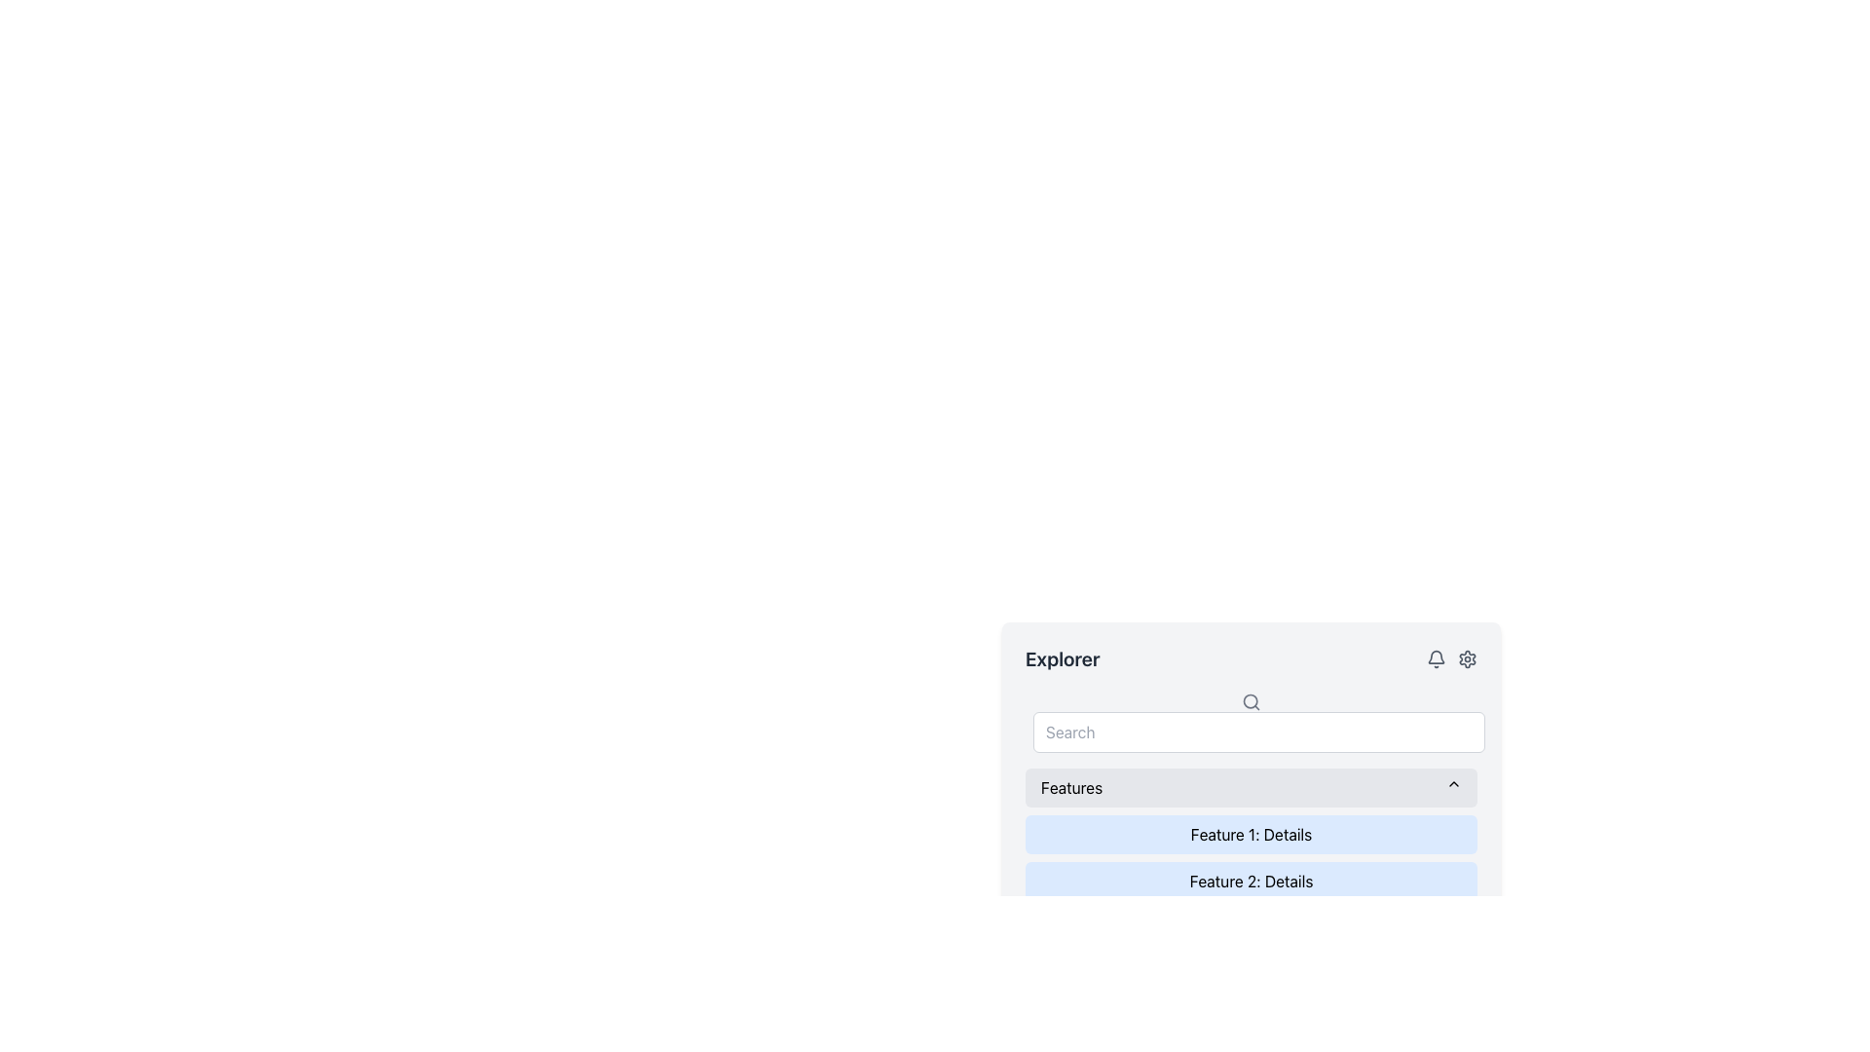 Image resolution: width=1870 pixels, height=1052 pixels. Describe the element at coordinates (1453, 783) in the screenshot. I see `the upward chevron icon located to the far-right of the 'Features' label` at that location.